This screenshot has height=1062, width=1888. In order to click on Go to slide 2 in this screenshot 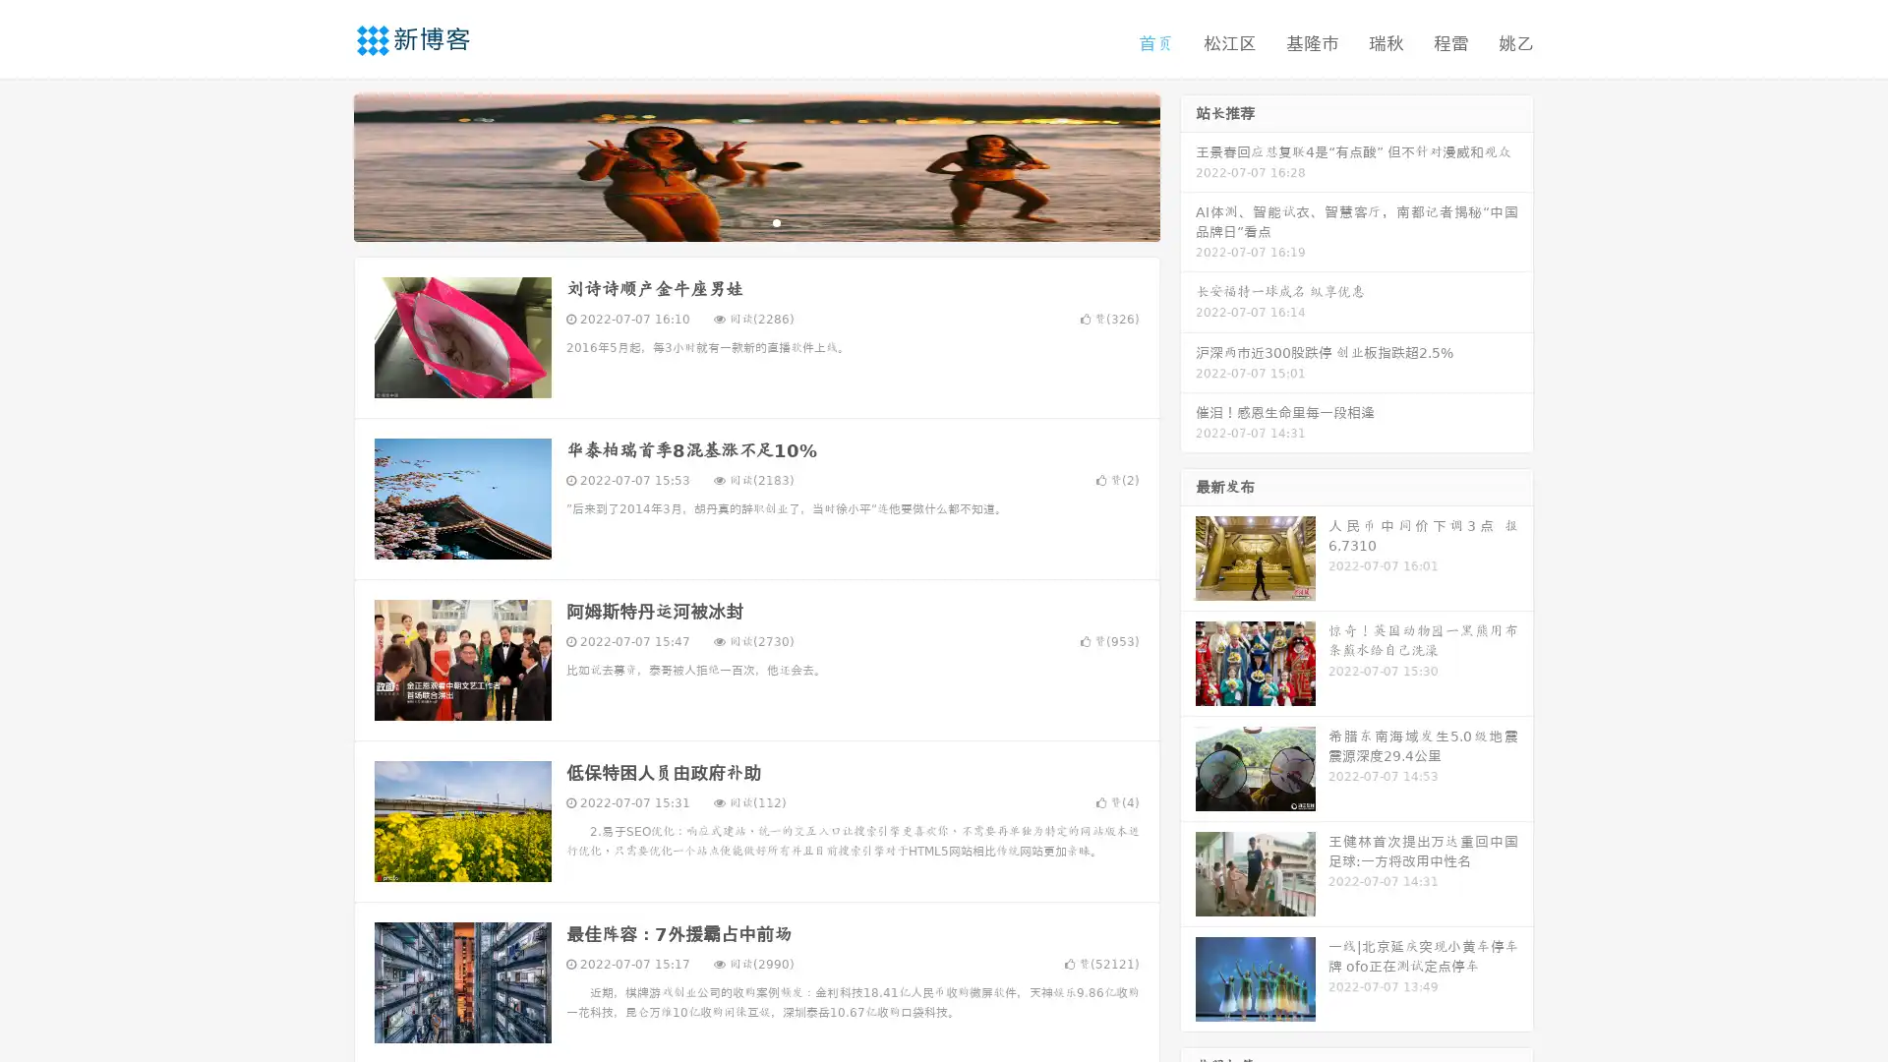, I will do `click(755, 221)`.